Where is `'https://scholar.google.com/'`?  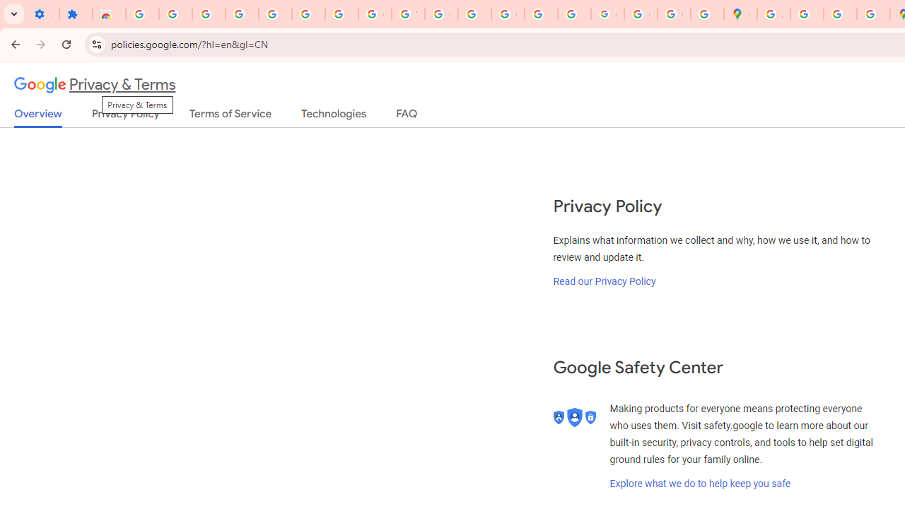 'https://scholar.google.com/' is located at coordinates (474, 14).